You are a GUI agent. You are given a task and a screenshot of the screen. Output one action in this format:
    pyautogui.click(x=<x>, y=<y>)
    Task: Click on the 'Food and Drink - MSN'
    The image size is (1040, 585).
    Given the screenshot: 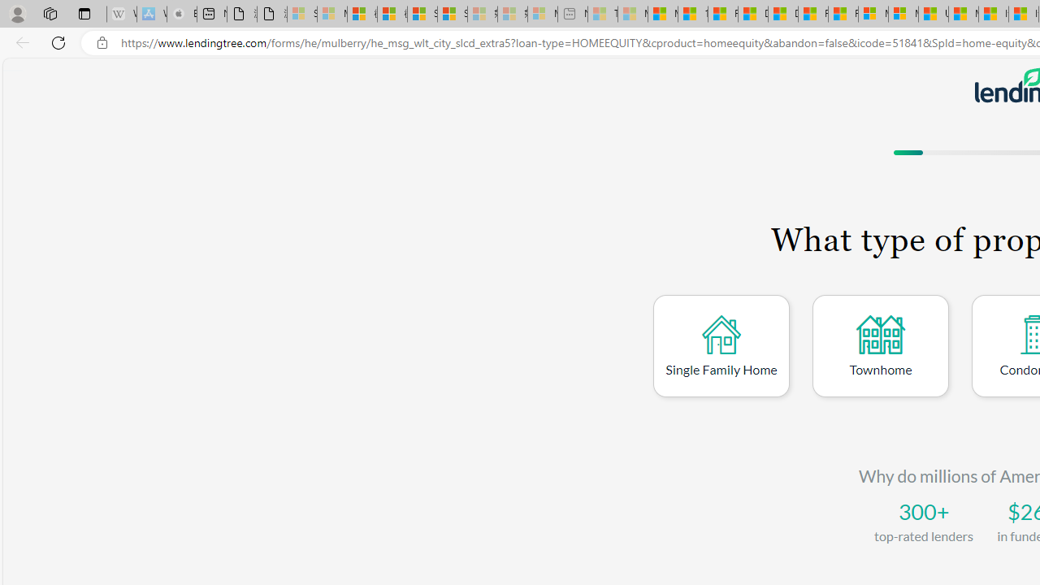 What is the action you would take?
    pyautogui.click(x=721, y=14)
    